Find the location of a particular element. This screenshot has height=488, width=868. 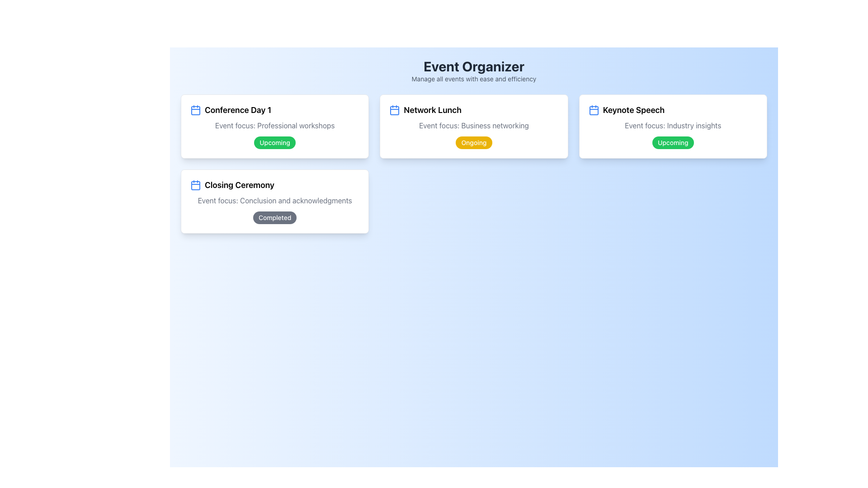

the text label displaying 'Keynote Speech', which is bold and located under a calendar icon, in the third column of the grid layout is located at coordinates (633, 109).